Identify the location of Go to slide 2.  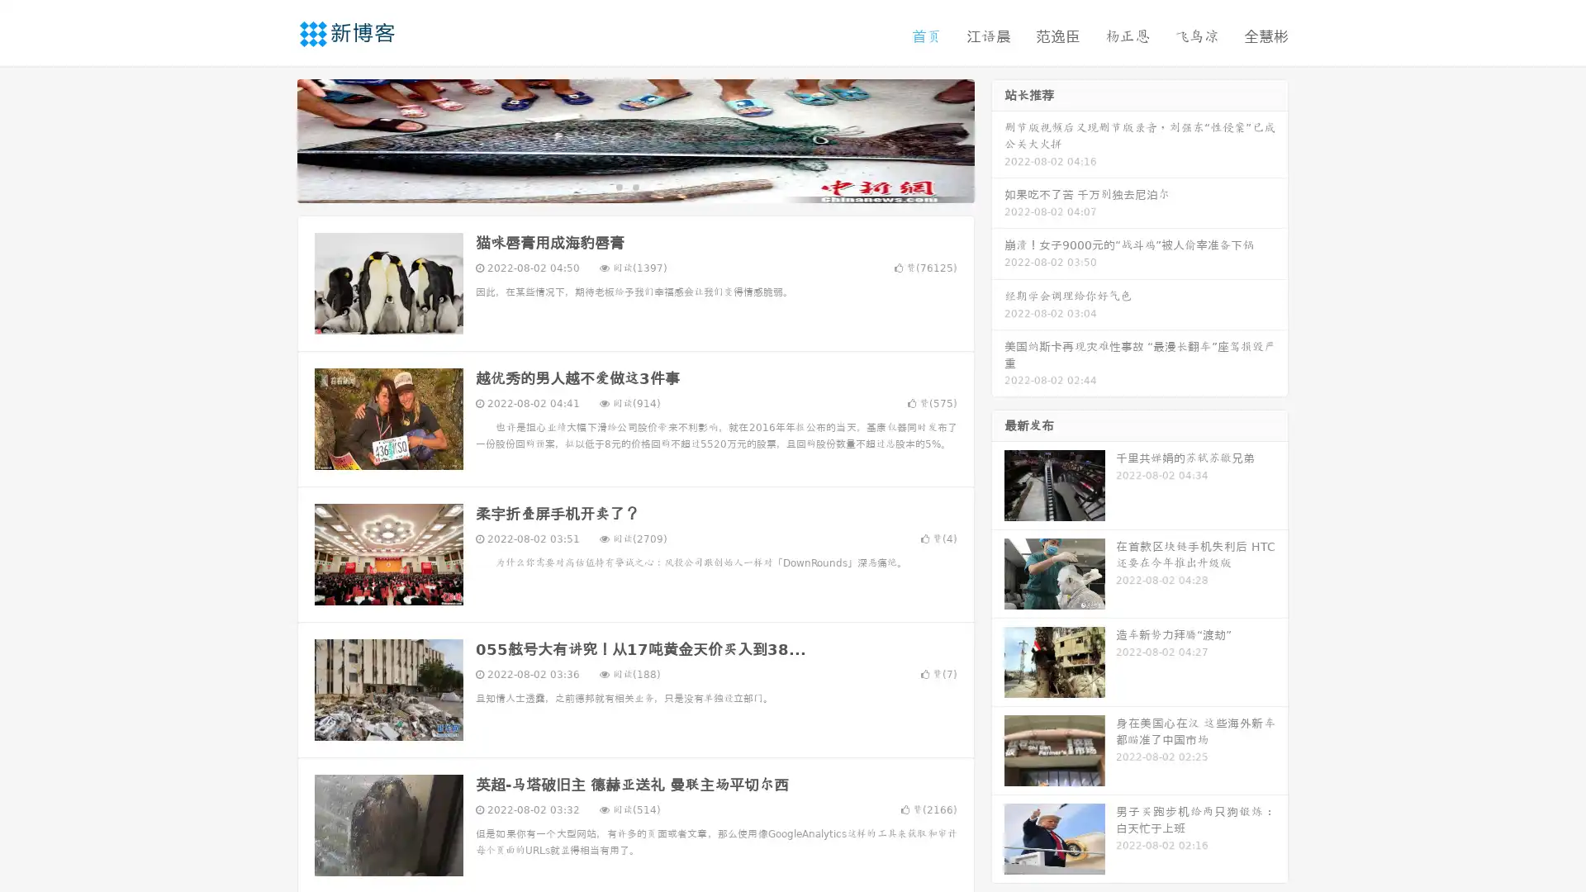
(634, 186).